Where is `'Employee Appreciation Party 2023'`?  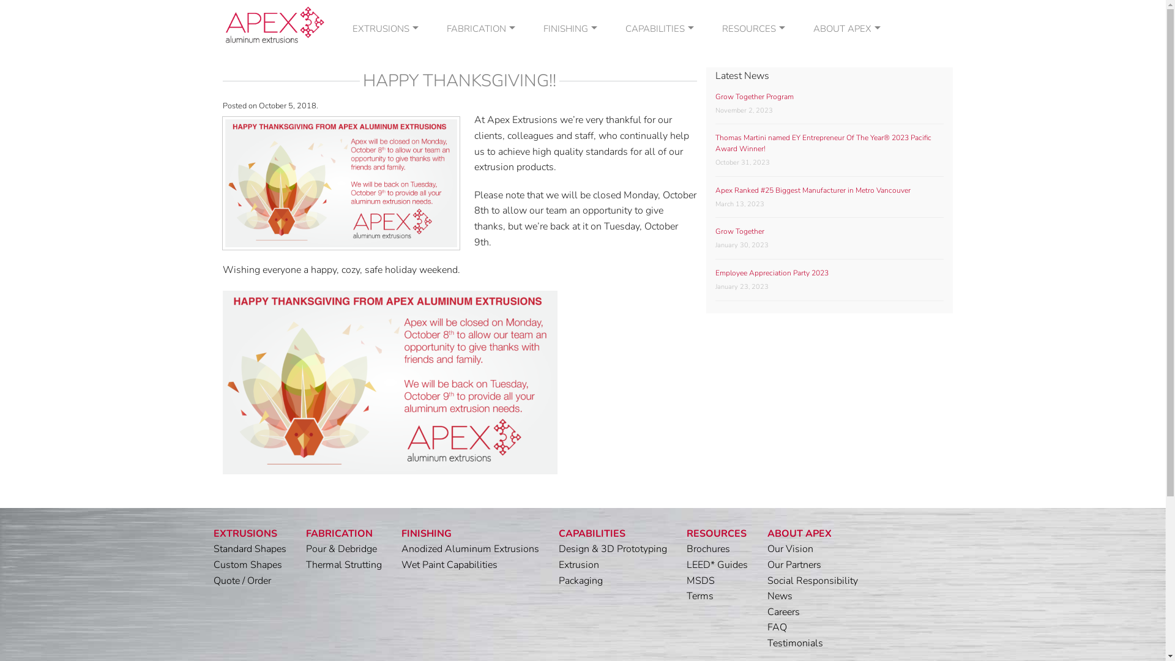
'Employee Appreciation Party 2023' is located at coordinates (771, 272).